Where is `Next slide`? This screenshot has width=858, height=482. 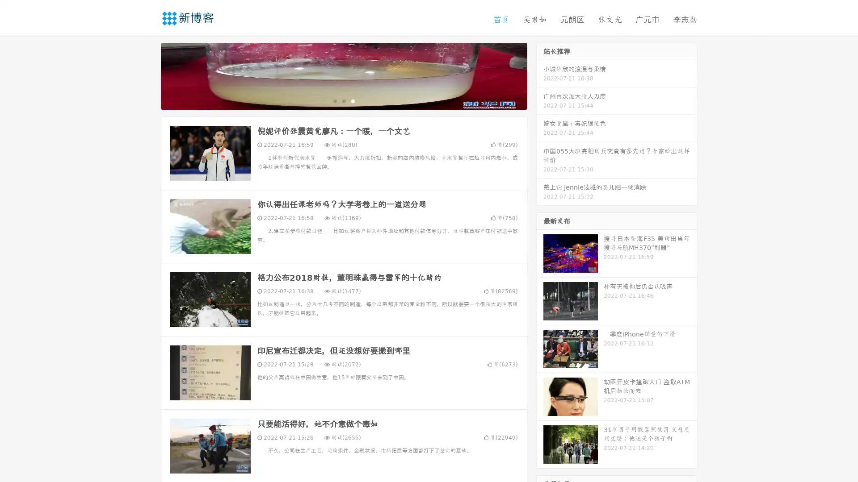
Next slide is located at coordinates (540, 75).